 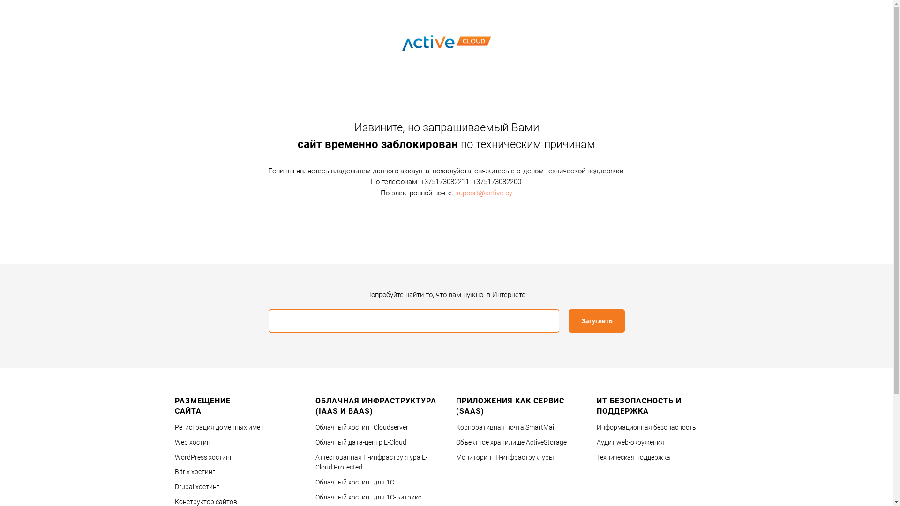 I want to click on '+375173082200', so click(x=472, y=182).